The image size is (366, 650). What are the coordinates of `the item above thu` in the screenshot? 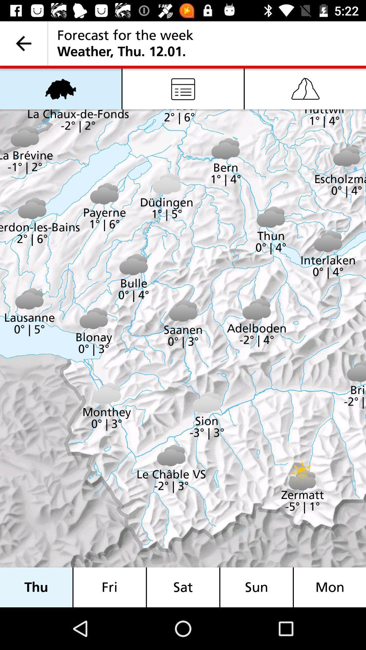 It's located at (60, 88).